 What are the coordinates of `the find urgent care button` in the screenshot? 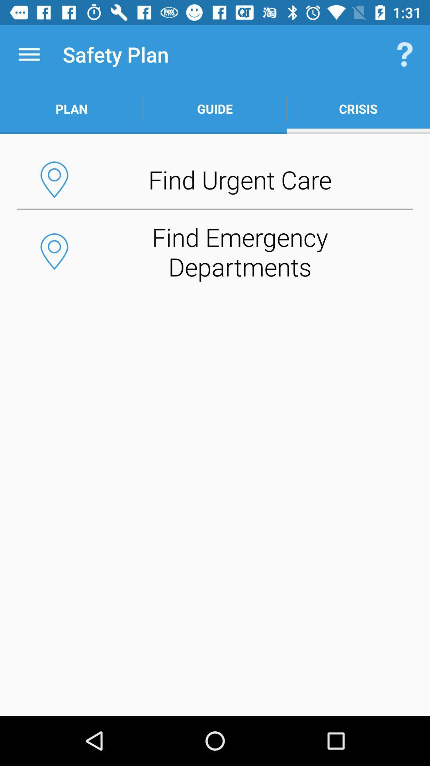 It's located at (215, 179).